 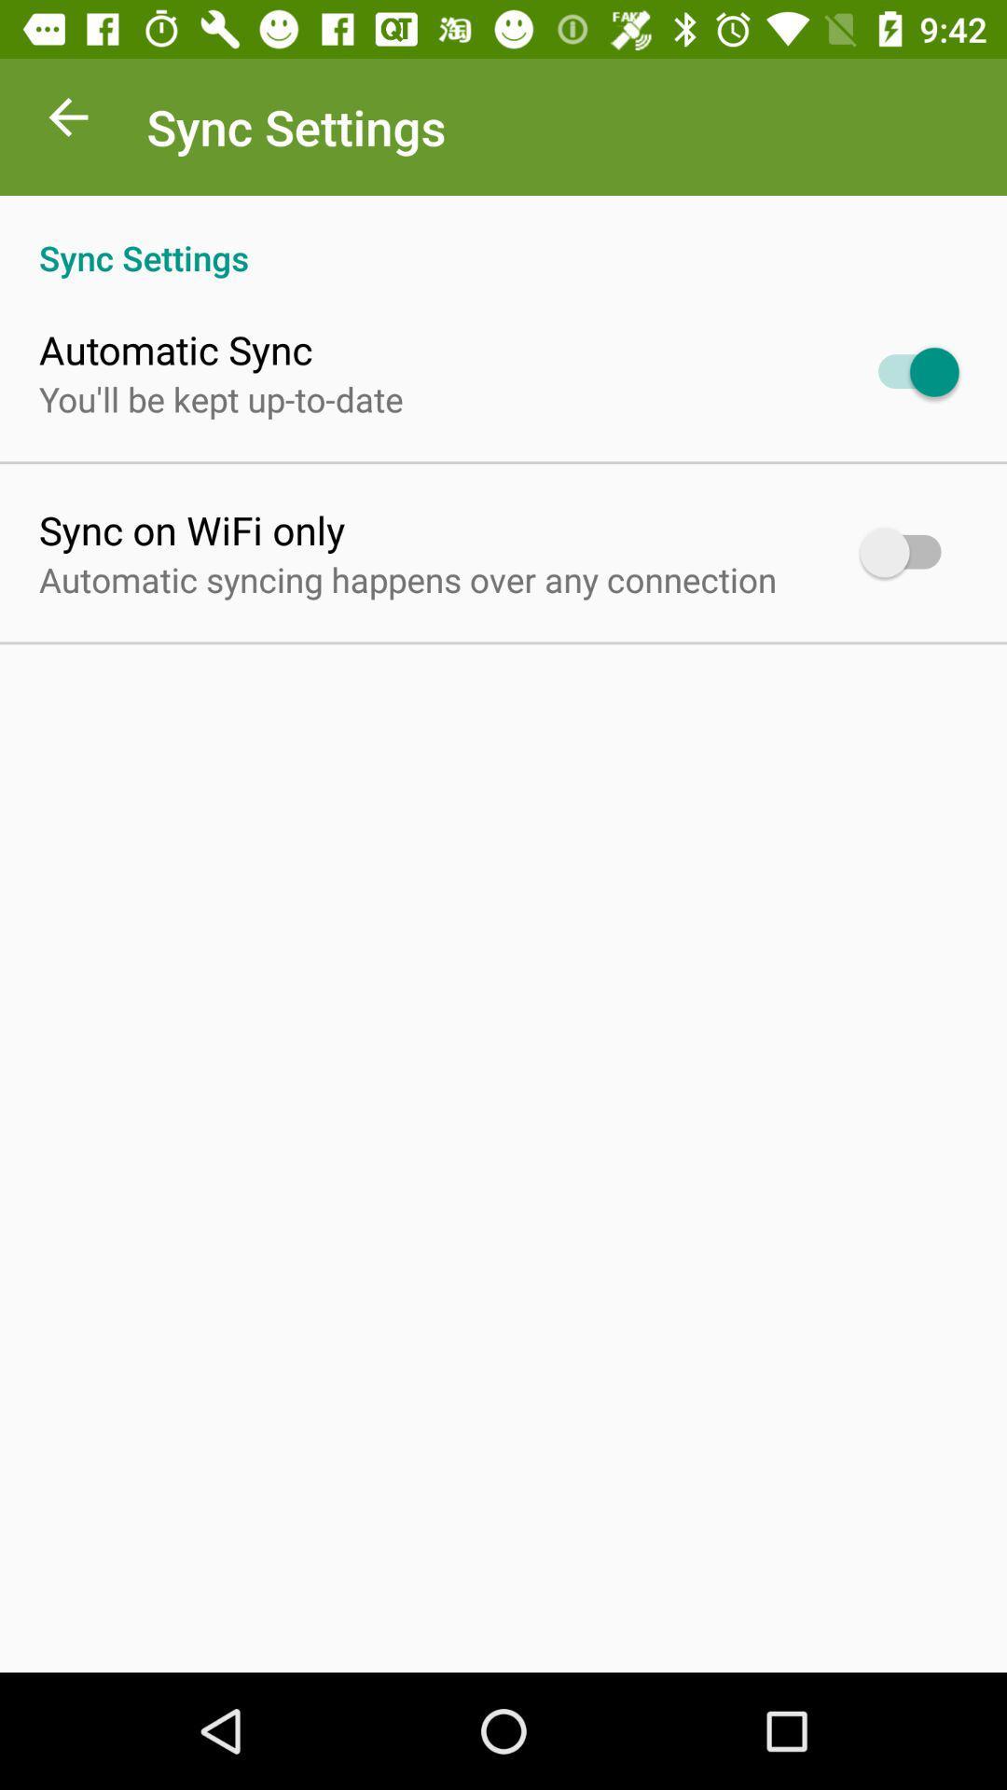 I want to click on item next to sync settings icon, so click(x=67, y=121).